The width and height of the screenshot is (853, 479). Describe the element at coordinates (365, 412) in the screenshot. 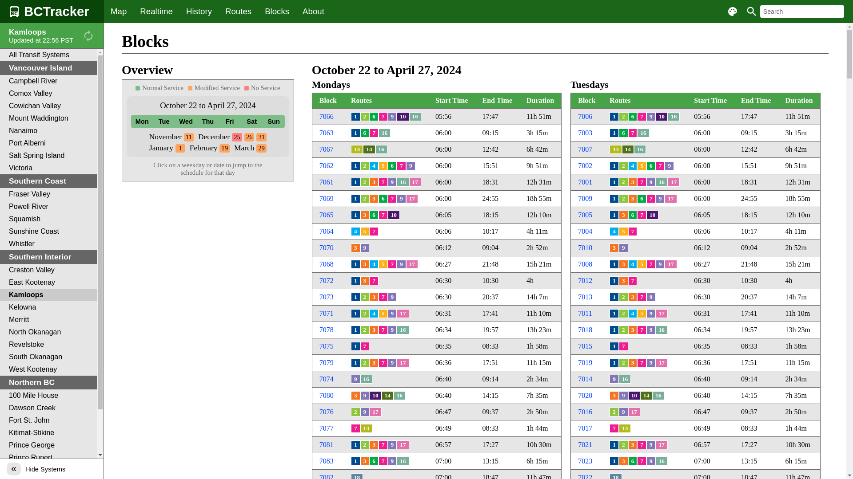

I see `'9'` at that location.